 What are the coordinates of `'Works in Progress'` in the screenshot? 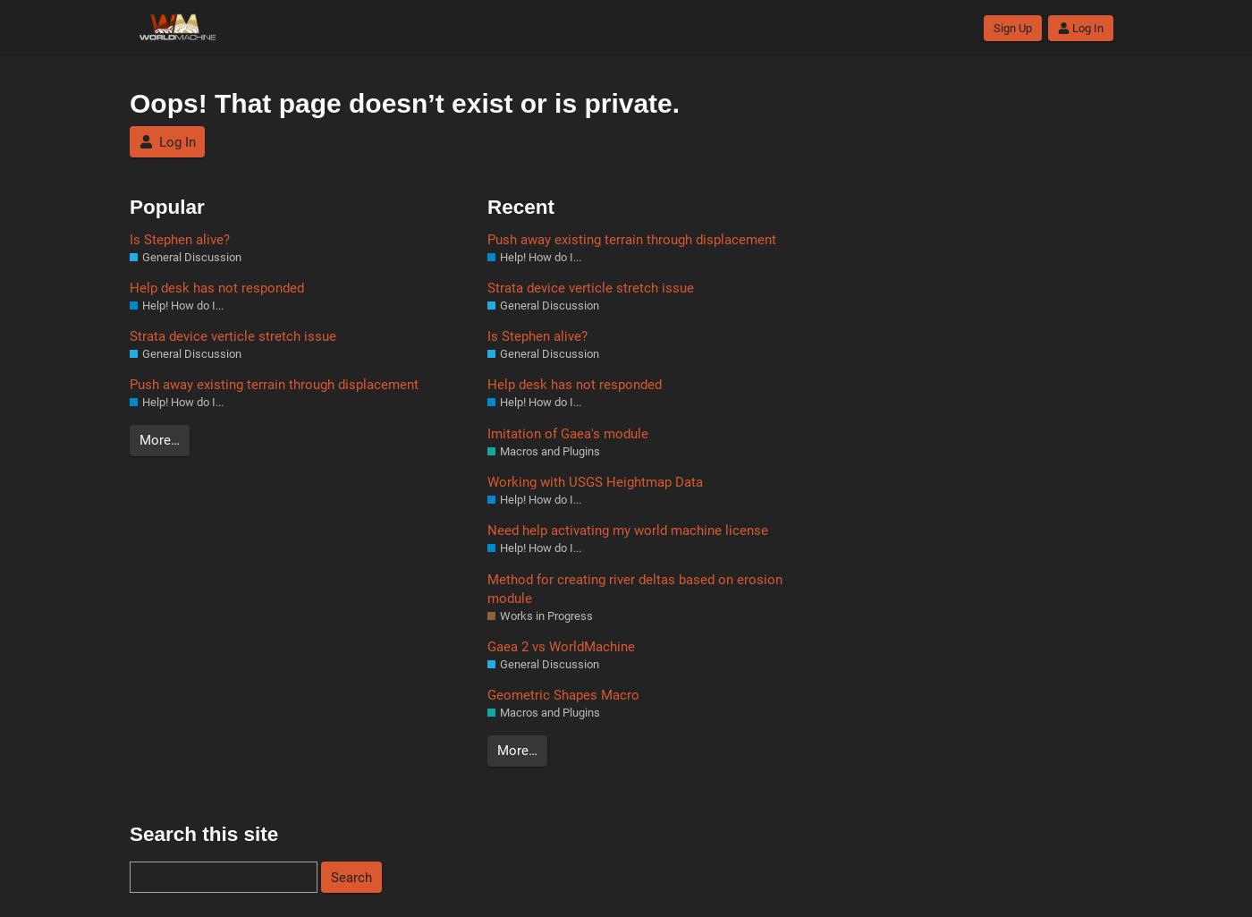 It's located at (546, 615).